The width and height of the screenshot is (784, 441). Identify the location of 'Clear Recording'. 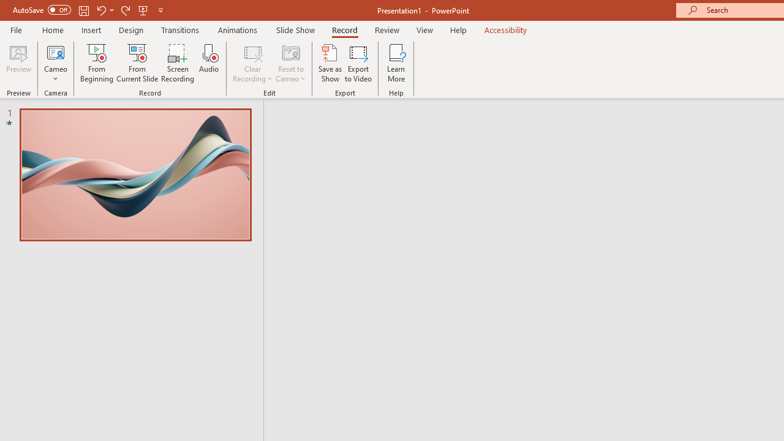
(252, 63).